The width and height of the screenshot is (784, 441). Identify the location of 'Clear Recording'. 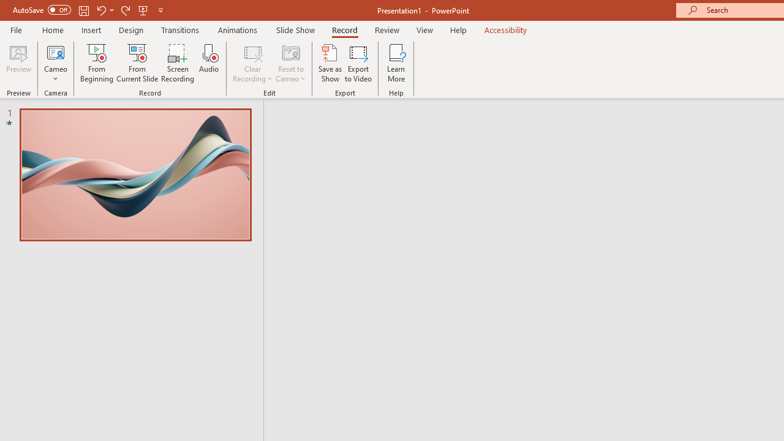
(252, 63).